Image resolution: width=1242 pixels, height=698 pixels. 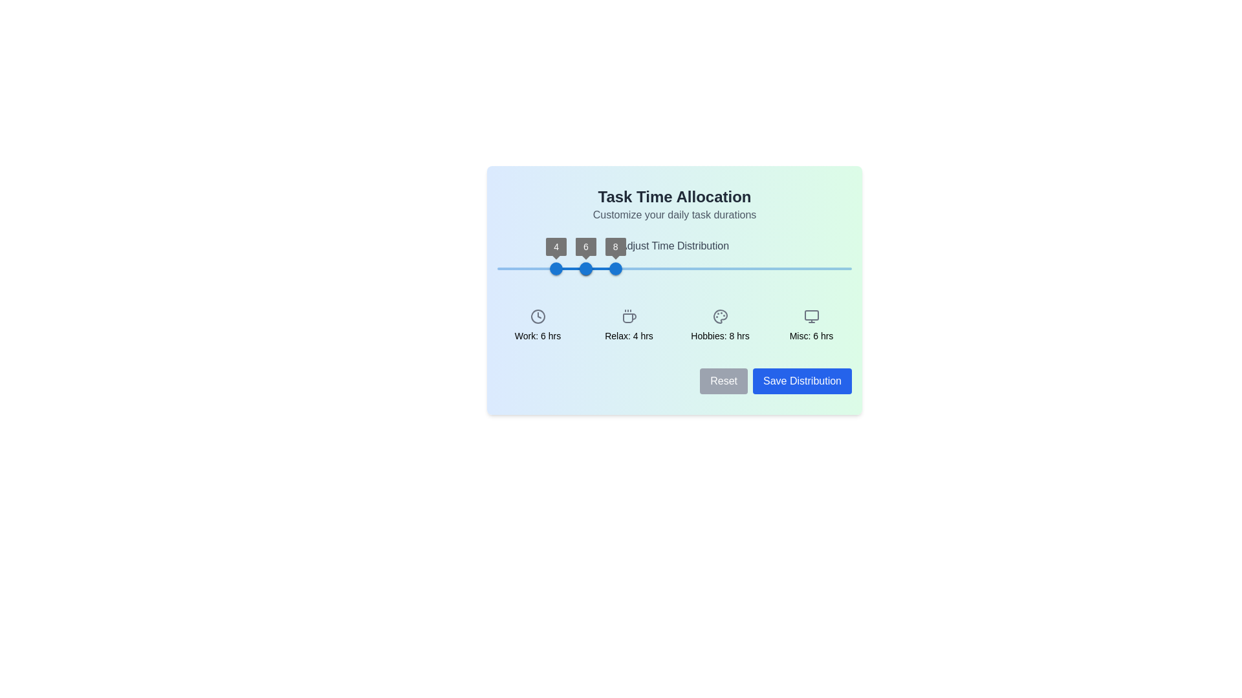 What do you see at coordinates (556, 268) in the screenshot?
I see `the blue circular slider thumb located at the leftmost position of the horizontal slider track` at bounding box center [556, 268].